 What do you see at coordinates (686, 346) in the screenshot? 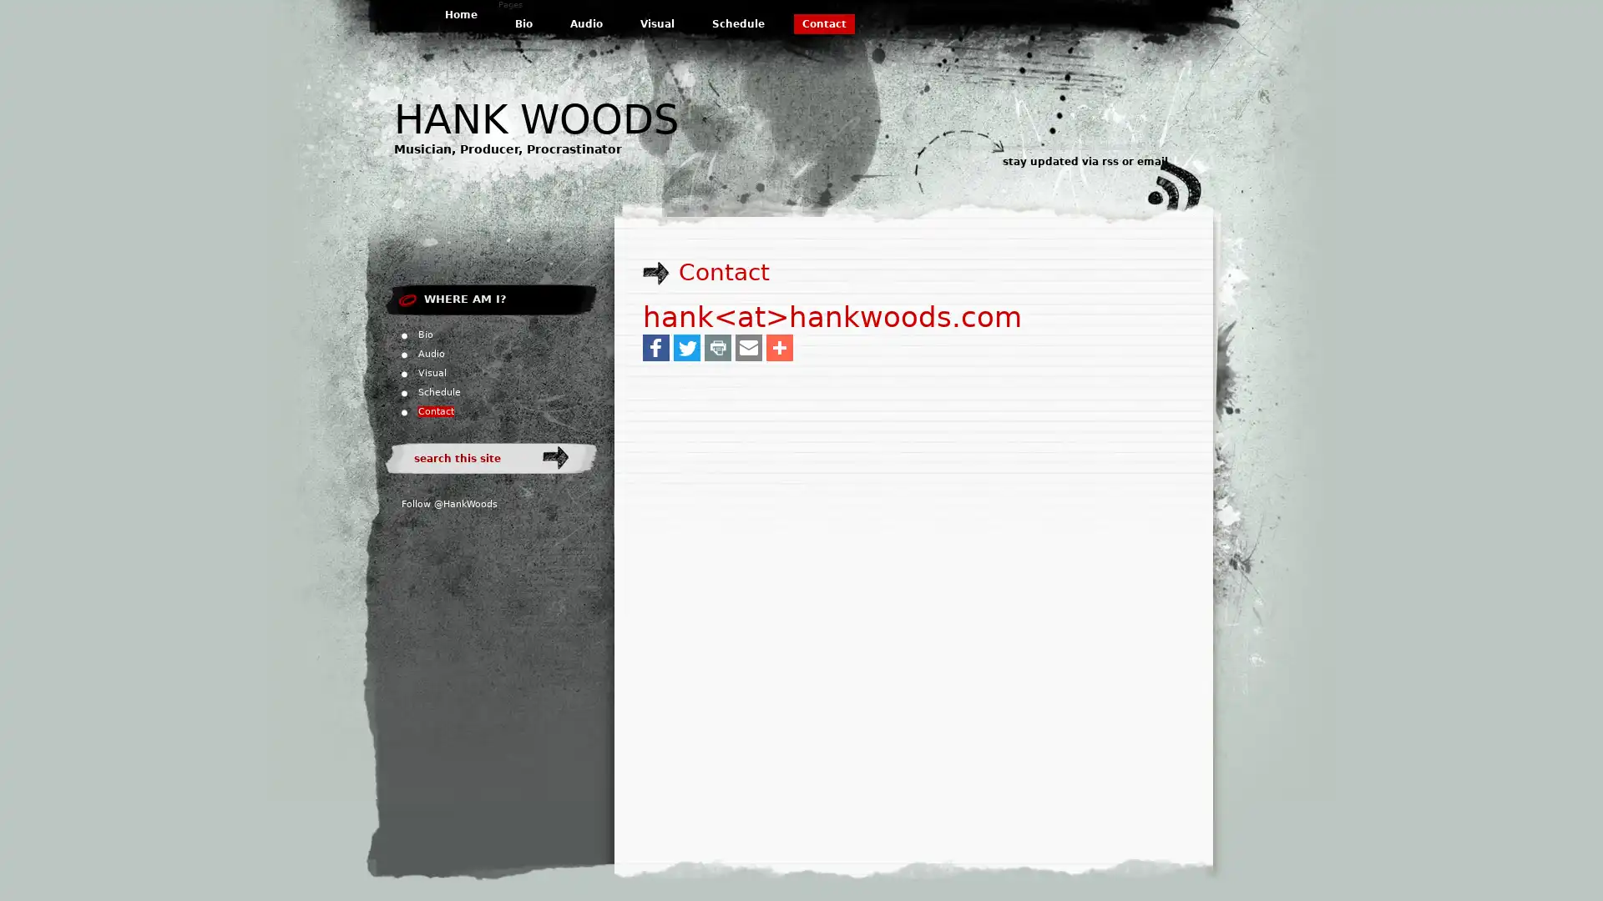
I see `Share to Twitter` at bounding box center [686, 346].